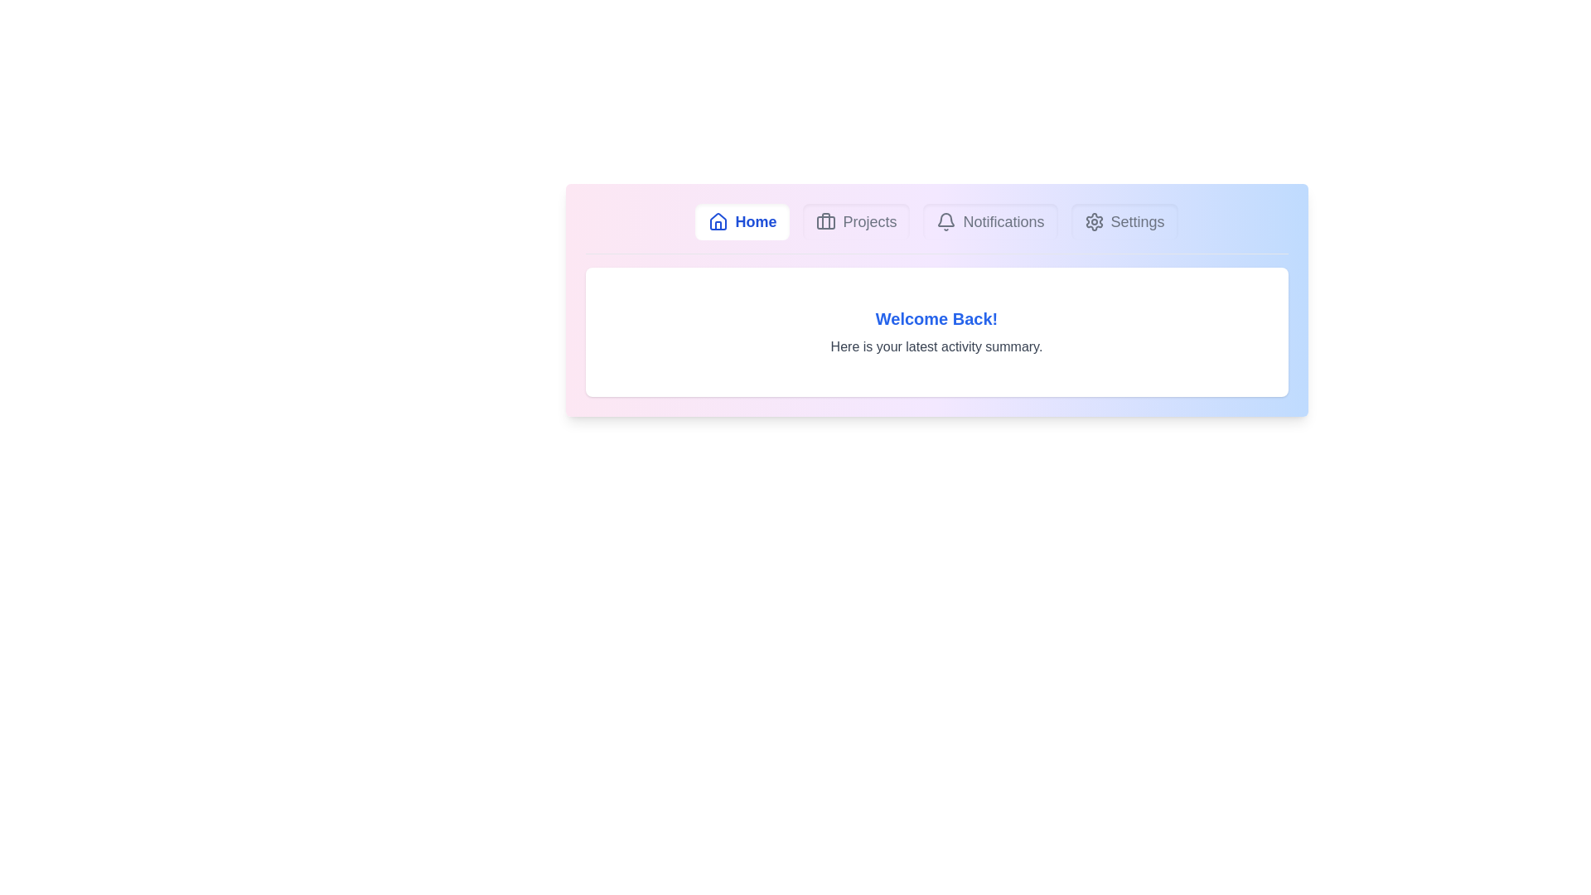  Describe the element at coordinates (856, 220) in the screenshot. I see `the Projects tab to switch to its content` at that location.